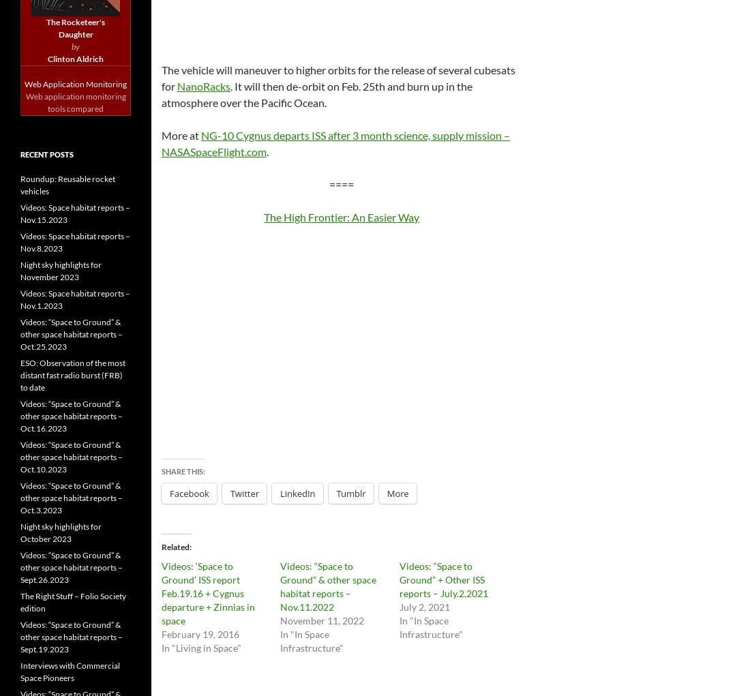 The image size is (750, 696). I want to click on 'Videos: “Space to Ground” & other space habitat reports – Oct.10.2023', so click(72, 457).